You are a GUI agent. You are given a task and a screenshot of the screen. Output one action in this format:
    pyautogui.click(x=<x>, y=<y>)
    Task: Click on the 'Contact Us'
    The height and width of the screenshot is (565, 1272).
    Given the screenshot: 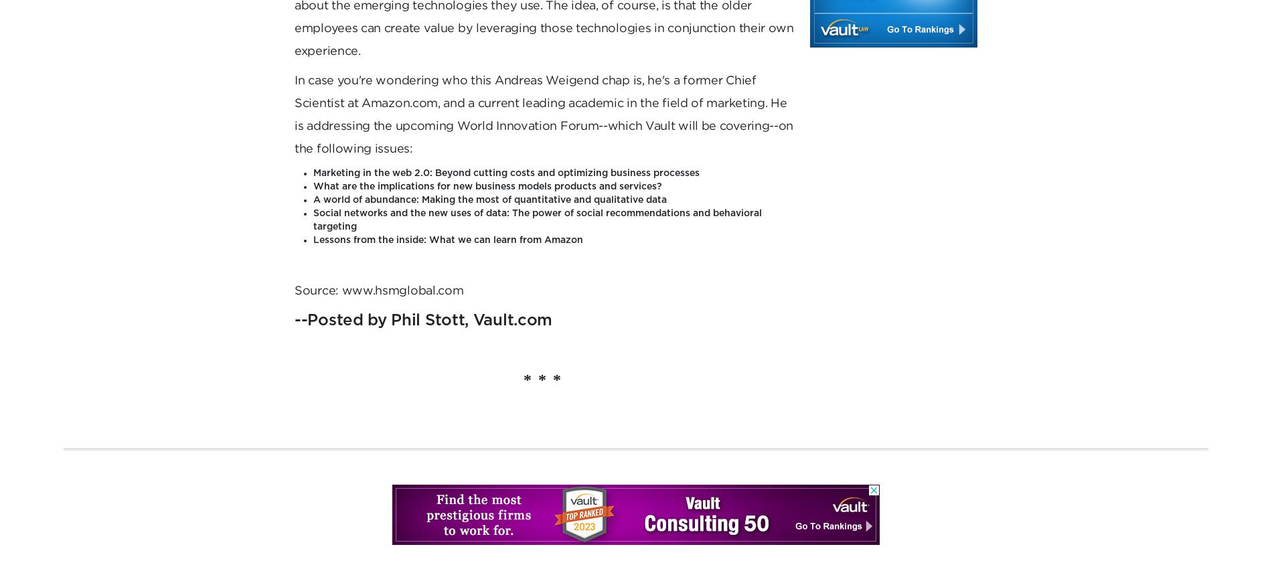 What is the action you would take?
    pyautogui.click(x=928, y=90)
    